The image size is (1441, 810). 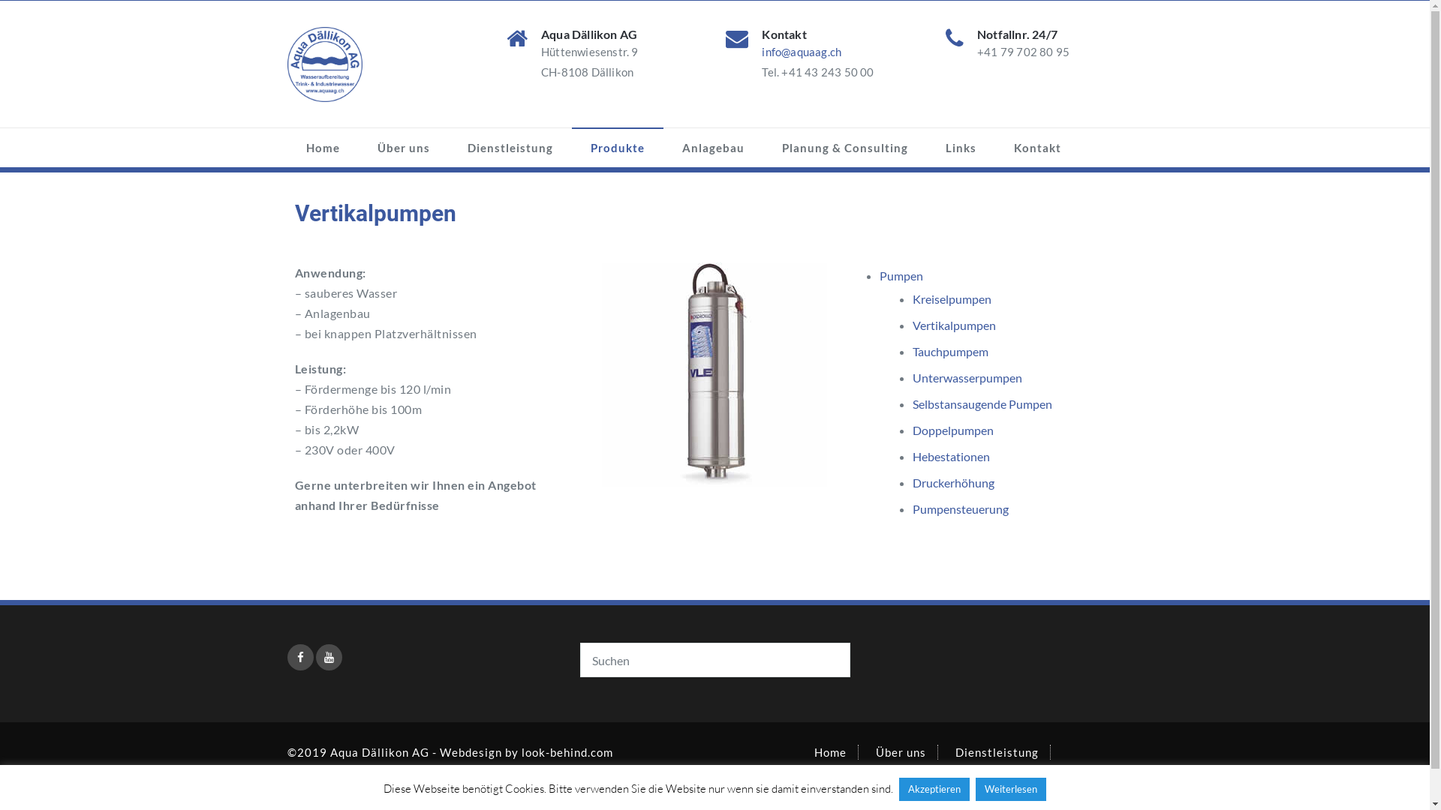 What do you see at coordinates (510, 147) in the screenshot?
I see `'Dienstleistung'` at bounding box center [510, 147].